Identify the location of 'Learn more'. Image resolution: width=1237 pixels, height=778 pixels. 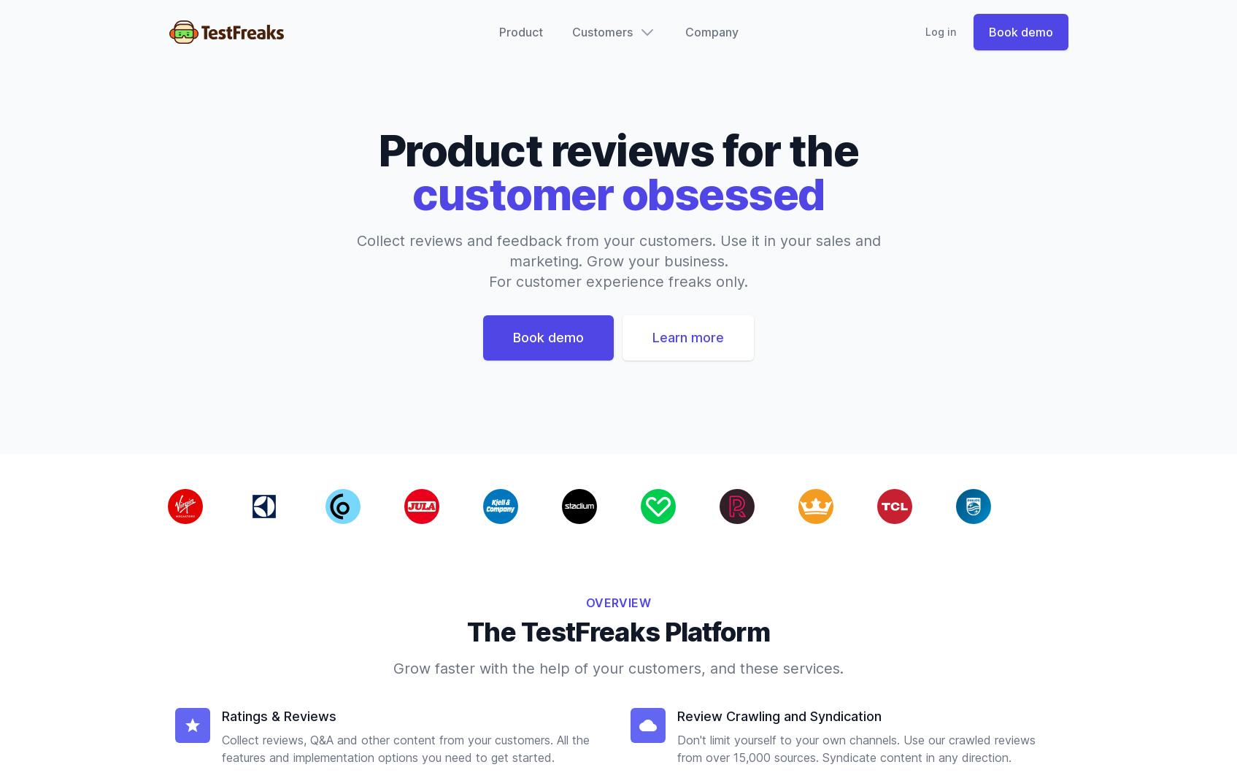
(651, 337).